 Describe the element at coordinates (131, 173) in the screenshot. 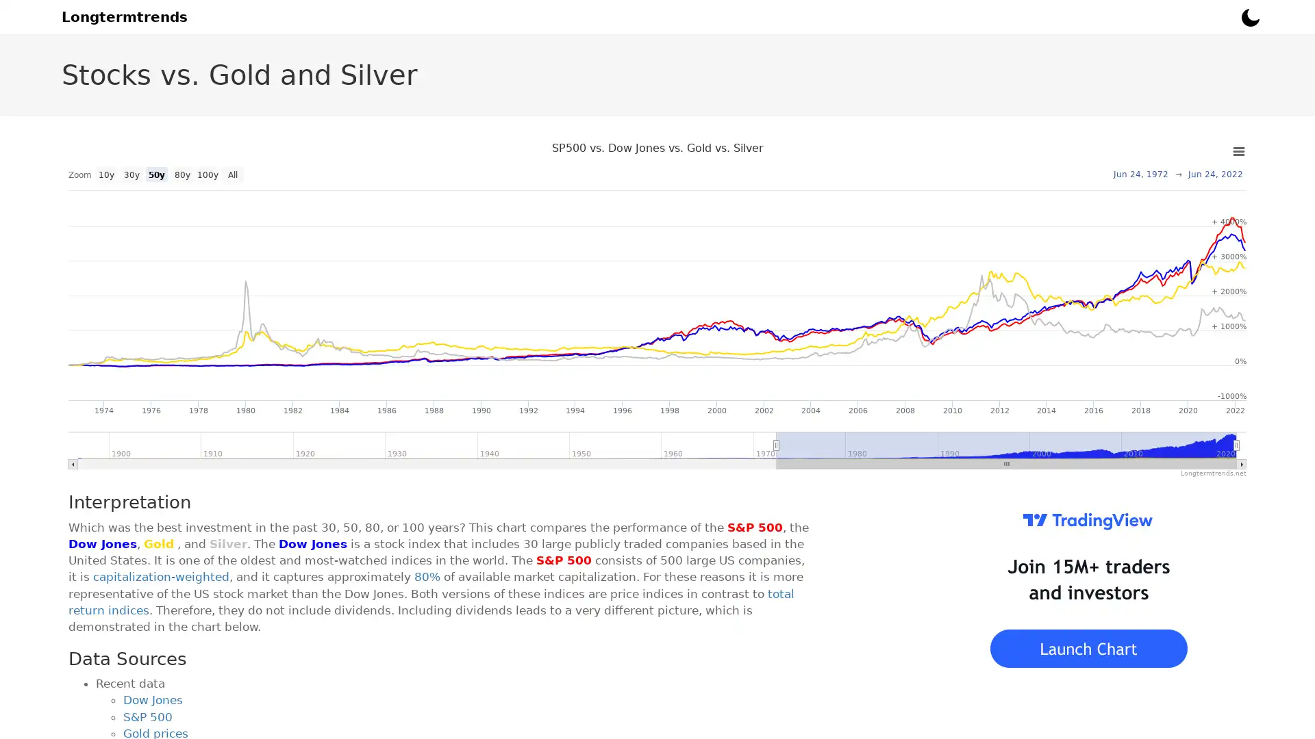

I see `30y` at that location.